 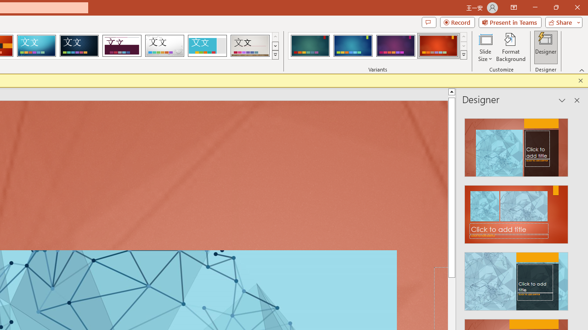 What do you see at coordinates (378, 46) in the screenshot?
I see `'AutomationID: ThemeVariantsGallery'` at bounding box center [378, 46].